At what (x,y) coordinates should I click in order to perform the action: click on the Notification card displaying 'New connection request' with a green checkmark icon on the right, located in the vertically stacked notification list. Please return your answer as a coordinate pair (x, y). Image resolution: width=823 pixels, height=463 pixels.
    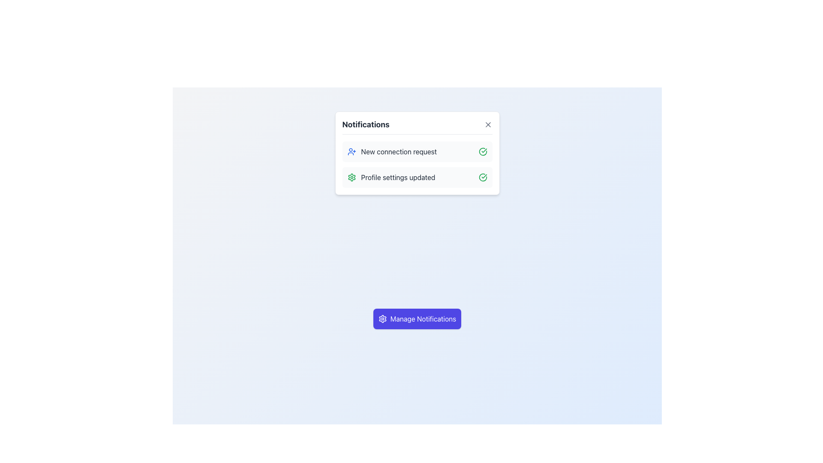
    Looking at the image, I should click on (417, 151).